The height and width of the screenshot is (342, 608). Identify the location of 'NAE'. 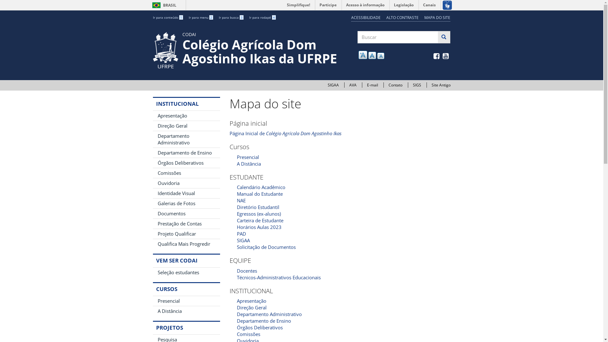
(241, 200).